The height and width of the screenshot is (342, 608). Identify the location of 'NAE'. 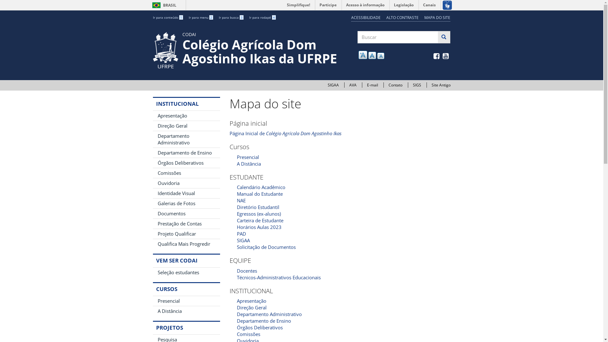
(241, 200).